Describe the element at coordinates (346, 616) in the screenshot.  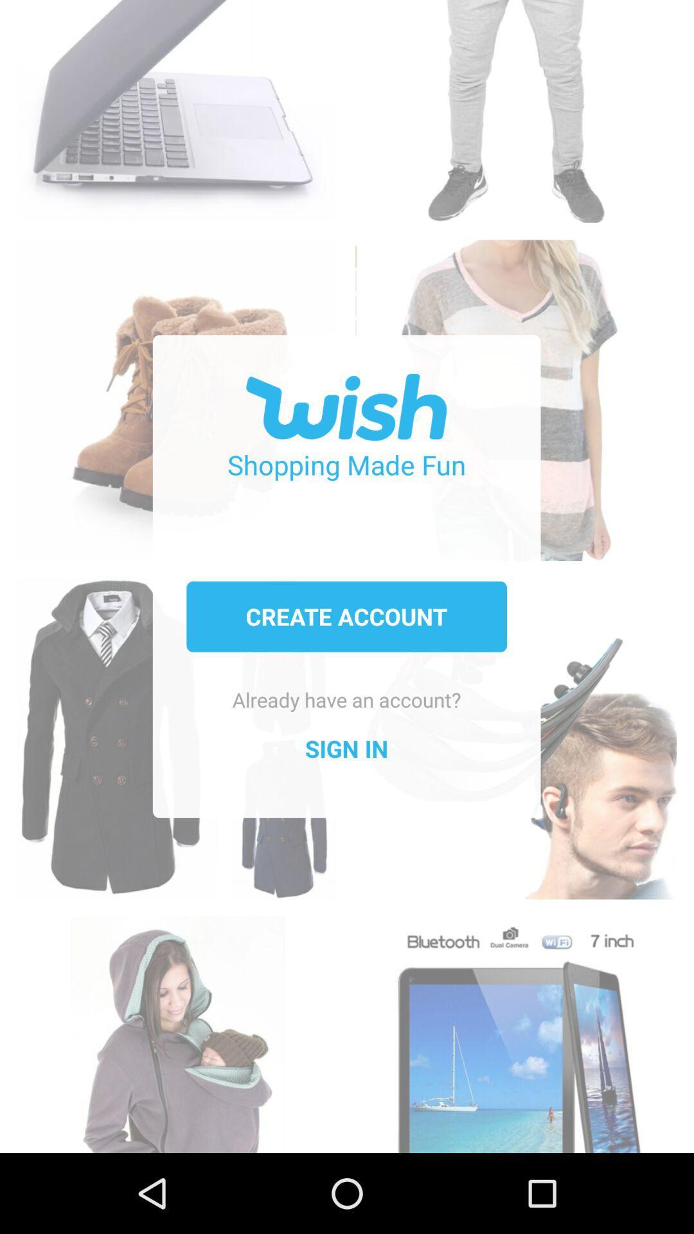
I see `item above the already have an item` at that location.